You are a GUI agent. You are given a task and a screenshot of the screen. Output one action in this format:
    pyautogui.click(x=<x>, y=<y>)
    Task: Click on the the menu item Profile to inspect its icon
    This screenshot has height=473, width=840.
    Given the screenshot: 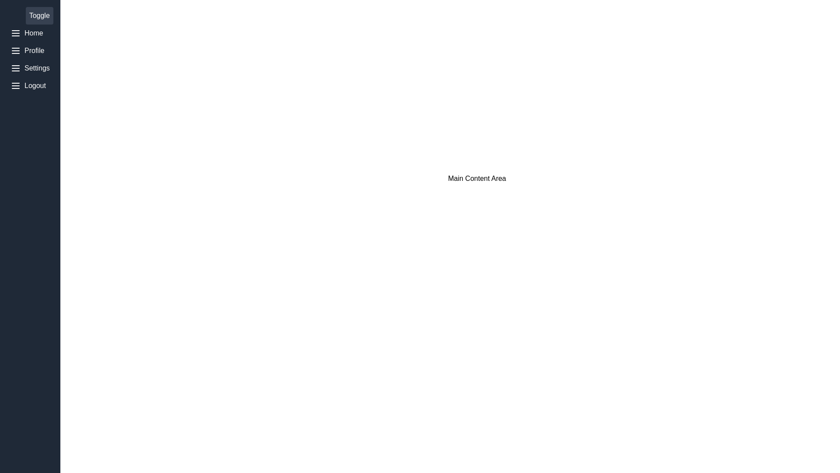 What is the action you would take?
    pyautogui.click(x=30, y=50)
    